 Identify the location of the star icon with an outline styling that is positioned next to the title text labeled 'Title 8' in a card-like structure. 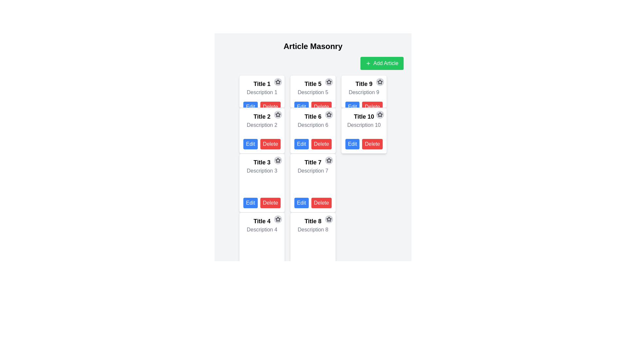
(278, 219).